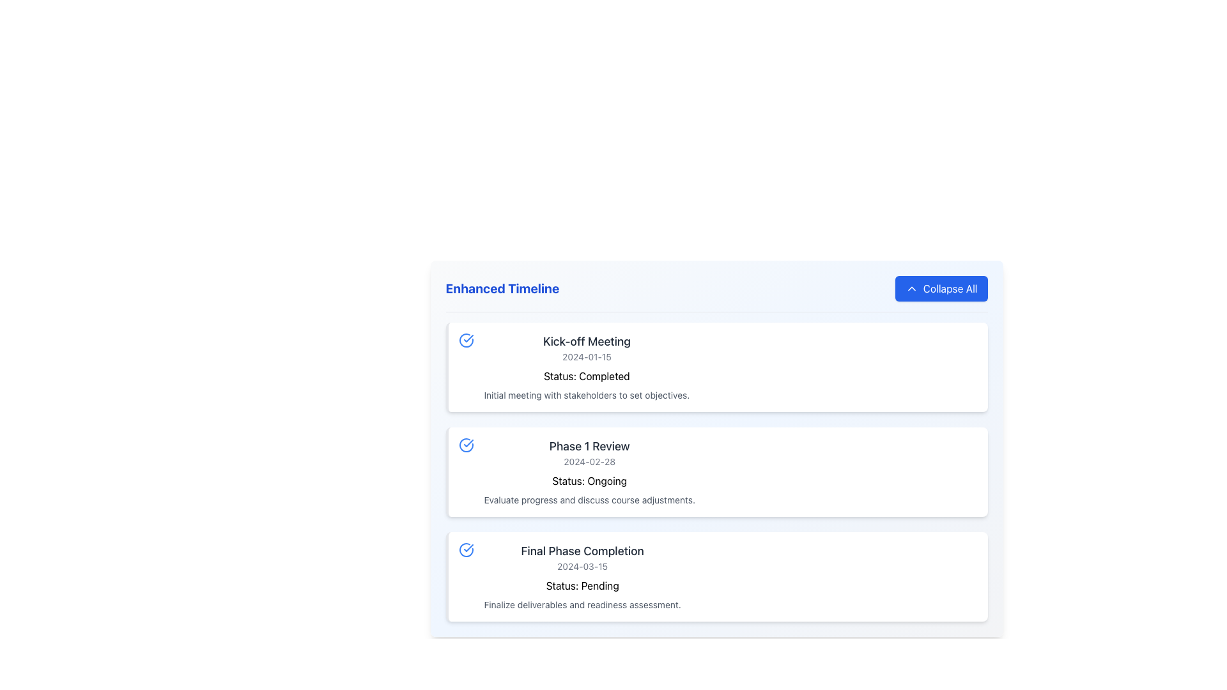  I want to click on the checkmark graphic within the Phase 1 Review section of the timeline interface, which is part of the SVG icon, so click(468, 337).